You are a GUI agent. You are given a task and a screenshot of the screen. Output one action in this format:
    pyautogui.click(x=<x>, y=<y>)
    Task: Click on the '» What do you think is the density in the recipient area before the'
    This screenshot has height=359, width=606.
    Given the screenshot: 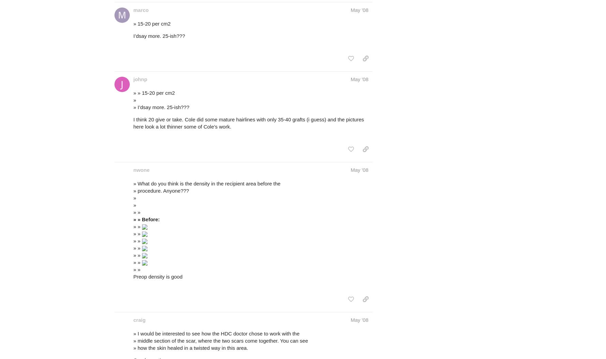 What is the action you would take?
    pyautogui.click(x=206, y=183)
    